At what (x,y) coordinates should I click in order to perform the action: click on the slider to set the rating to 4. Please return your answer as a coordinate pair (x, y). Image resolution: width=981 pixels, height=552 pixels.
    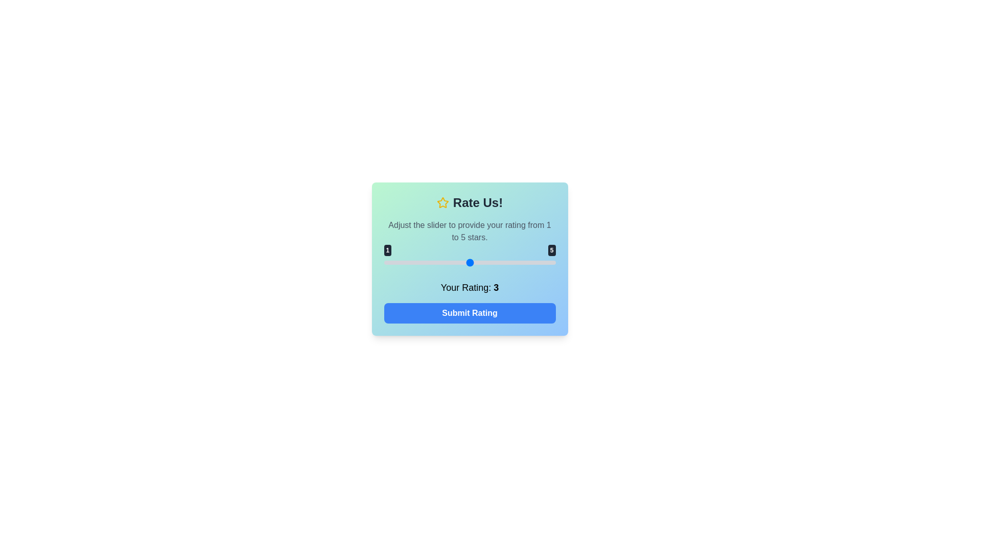
    Looking at the image, I should click on (512, 262).